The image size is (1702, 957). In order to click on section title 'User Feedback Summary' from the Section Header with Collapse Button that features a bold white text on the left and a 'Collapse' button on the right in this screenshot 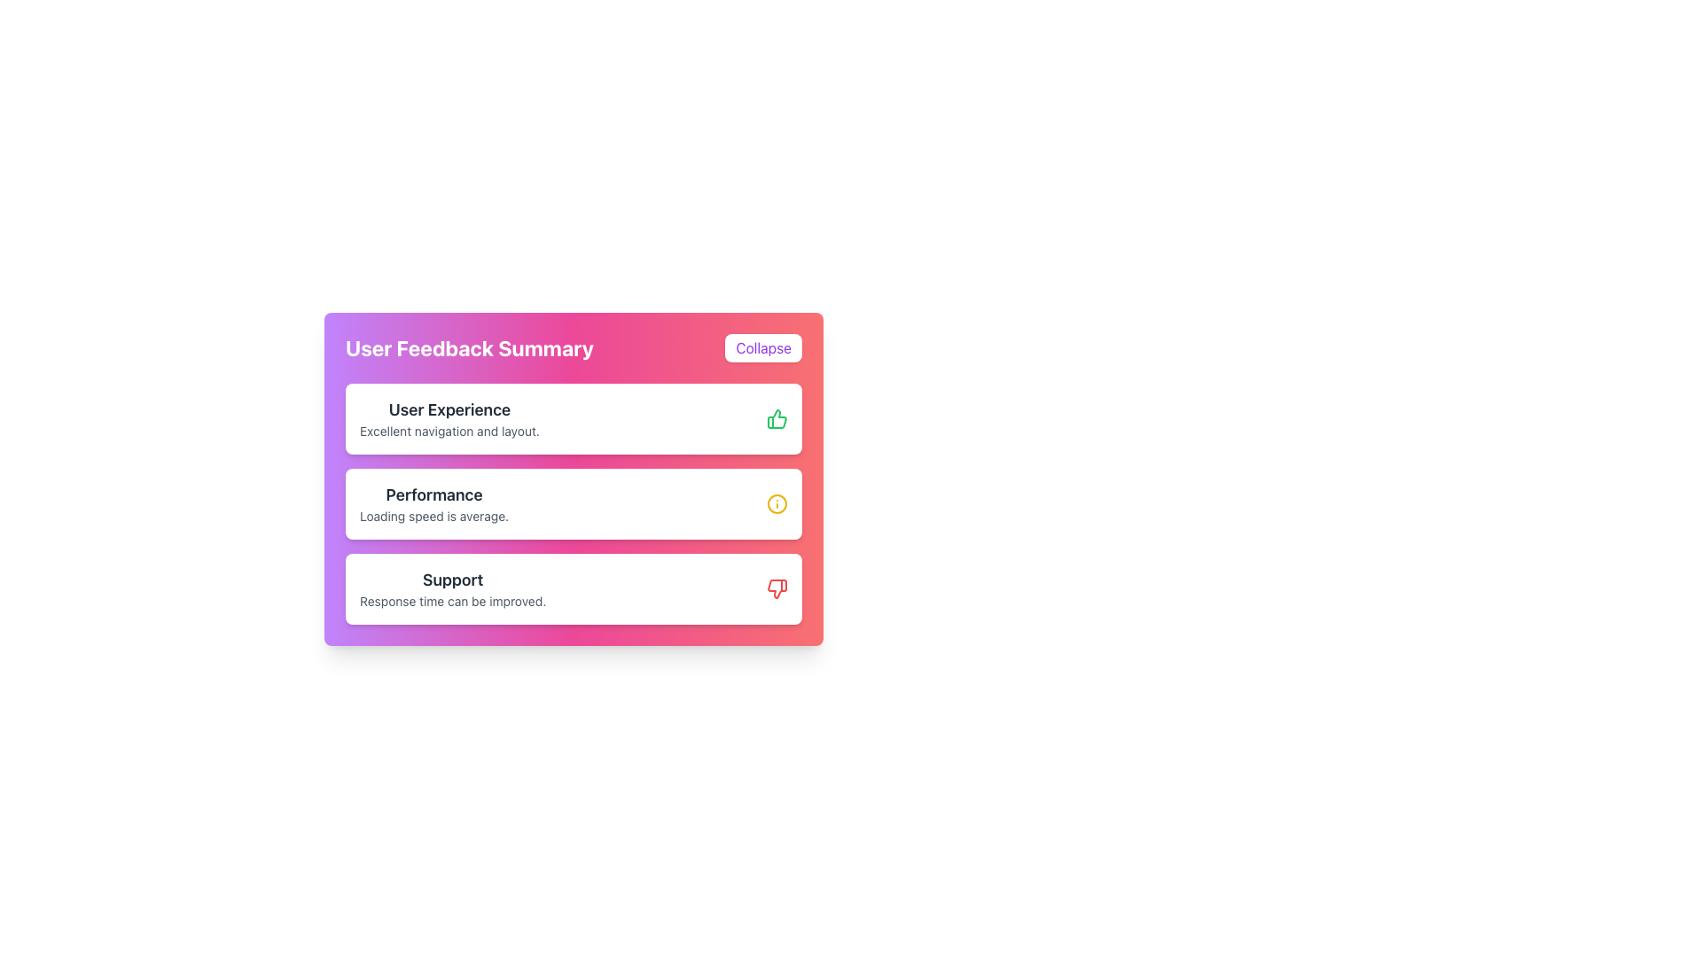, I will do `click(574, 348)`.